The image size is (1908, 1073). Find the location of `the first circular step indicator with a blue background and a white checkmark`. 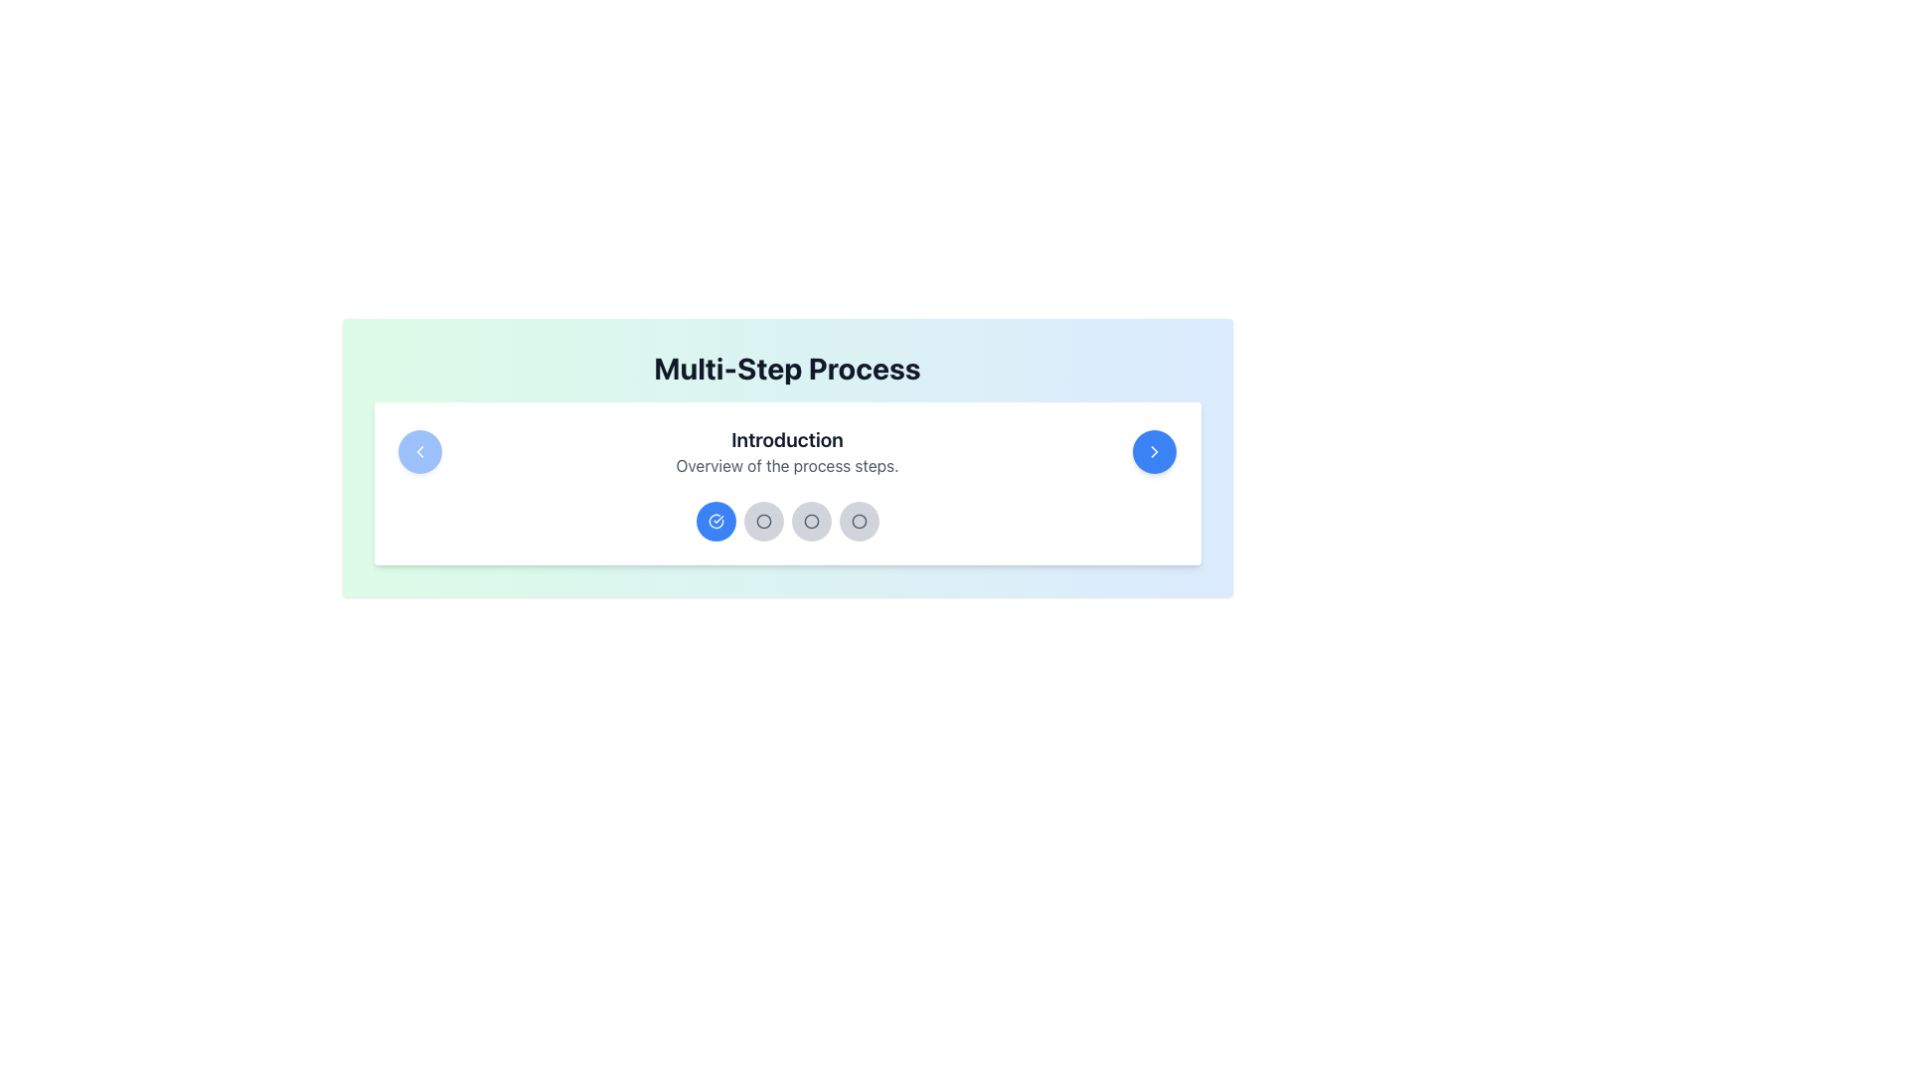

the first circular step indicator with a blue background and a white checkmark is located at coordinates (715, 520).